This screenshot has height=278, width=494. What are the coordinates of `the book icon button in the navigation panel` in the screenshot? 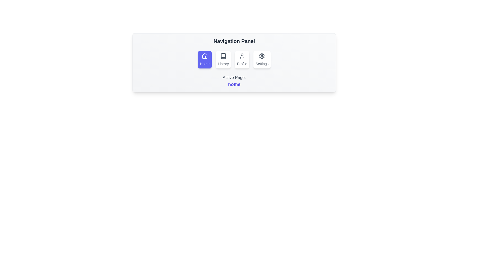 It's located at (223, 56).